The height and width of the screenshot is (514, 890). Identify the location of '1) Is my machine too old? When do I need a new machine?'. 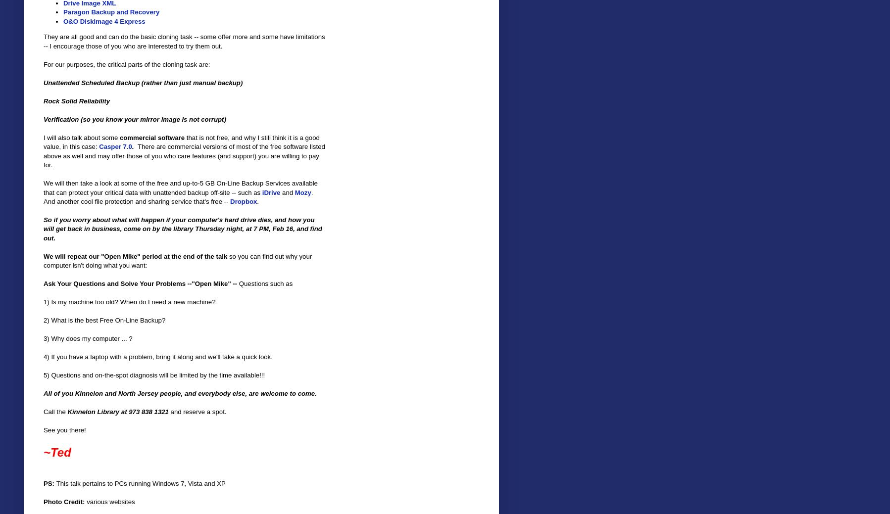
(129, 302).